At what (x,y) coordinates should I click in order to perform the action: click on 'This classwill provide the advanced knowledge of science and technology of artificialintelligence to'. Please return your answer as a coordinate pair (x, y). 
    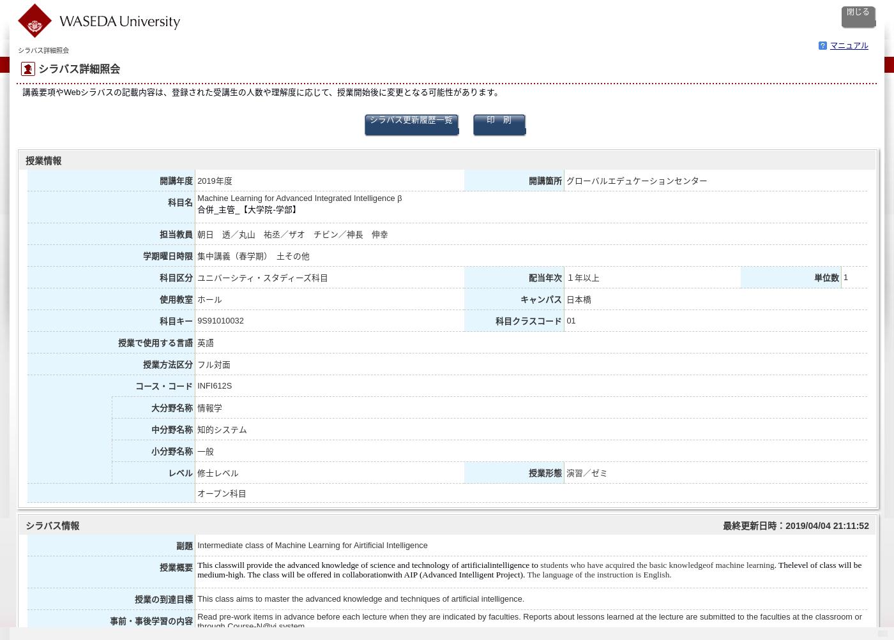
    Looking at the image, I should click on (368, 564).